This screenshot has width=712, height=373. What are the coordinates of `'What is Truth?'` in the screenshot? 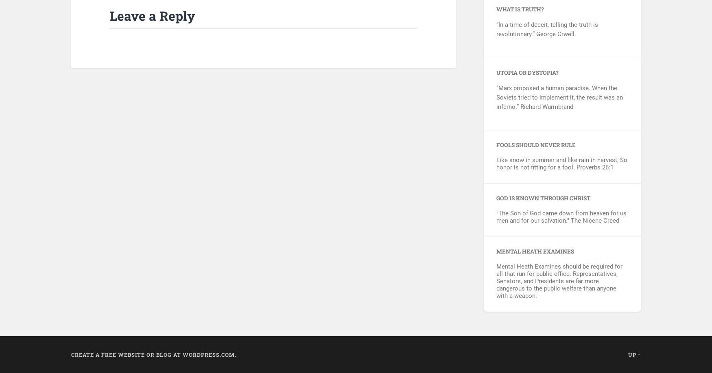 It's located at (520, 9).